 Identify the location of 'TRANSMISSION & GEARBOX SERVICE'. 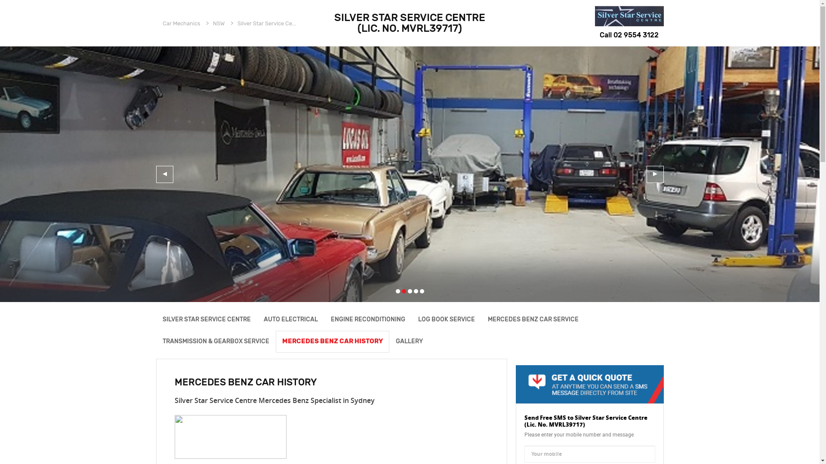
(215, 341).